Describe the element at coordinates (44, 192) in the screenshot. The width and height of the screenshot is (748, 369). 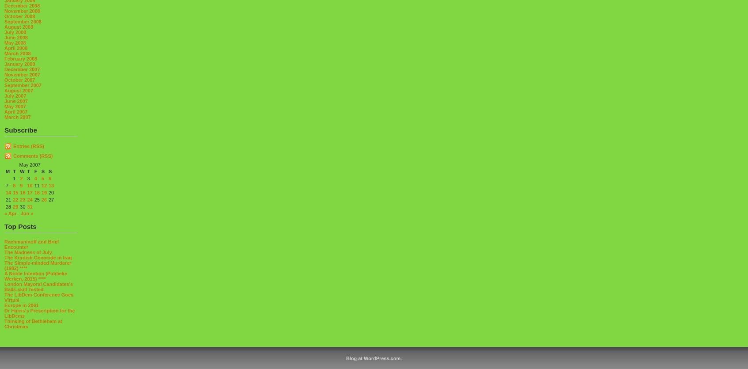
I see `'19'` at that location.